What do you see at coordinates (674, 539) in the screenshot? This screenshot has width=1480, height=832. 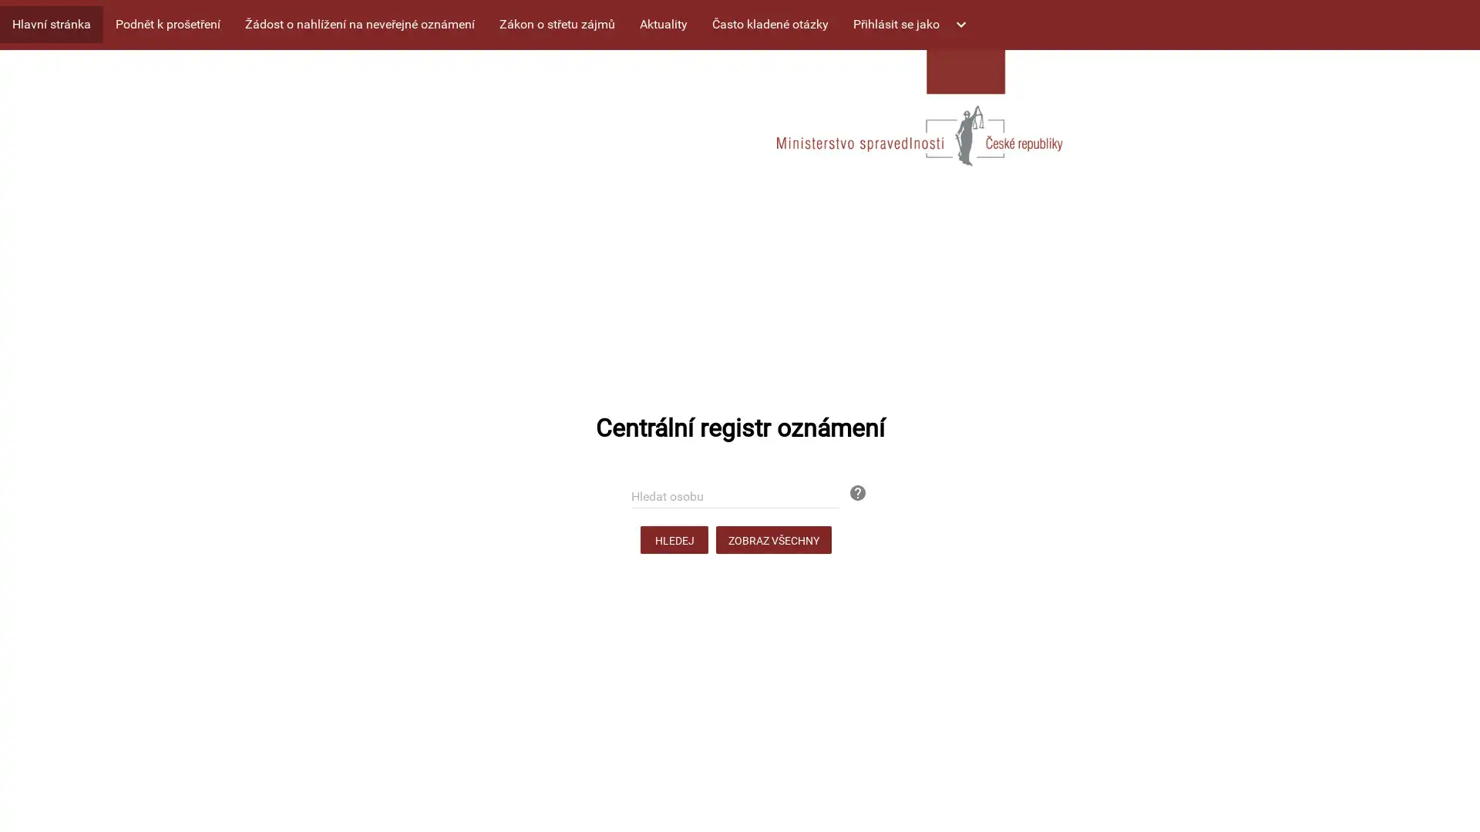 I see `HLEDEJ` at bounding box center [674, 539].